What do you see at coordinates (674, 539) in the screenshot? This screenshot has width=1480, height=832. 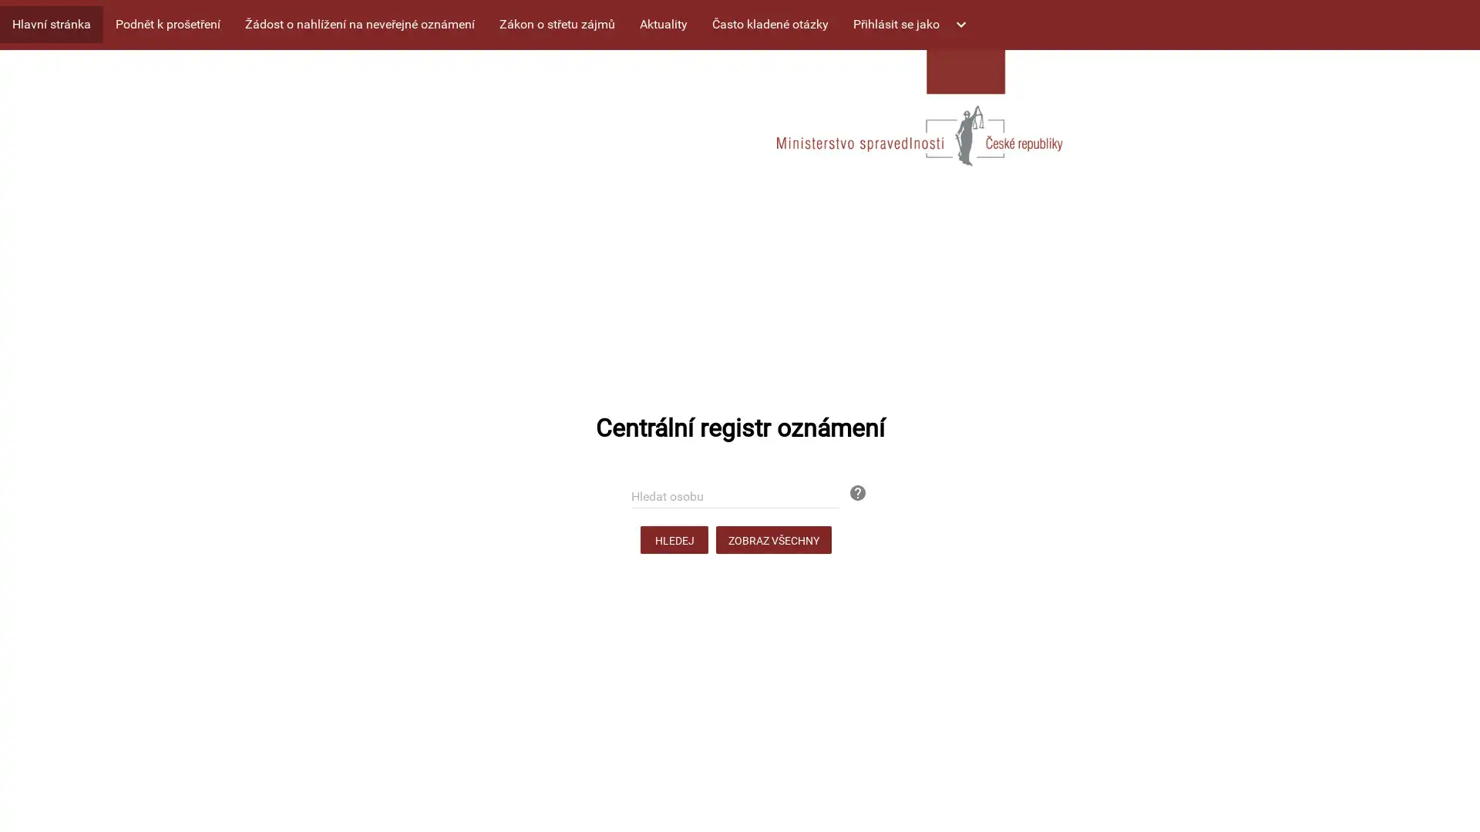 I see `HLEDEJ` at bounding box center [674, 539].